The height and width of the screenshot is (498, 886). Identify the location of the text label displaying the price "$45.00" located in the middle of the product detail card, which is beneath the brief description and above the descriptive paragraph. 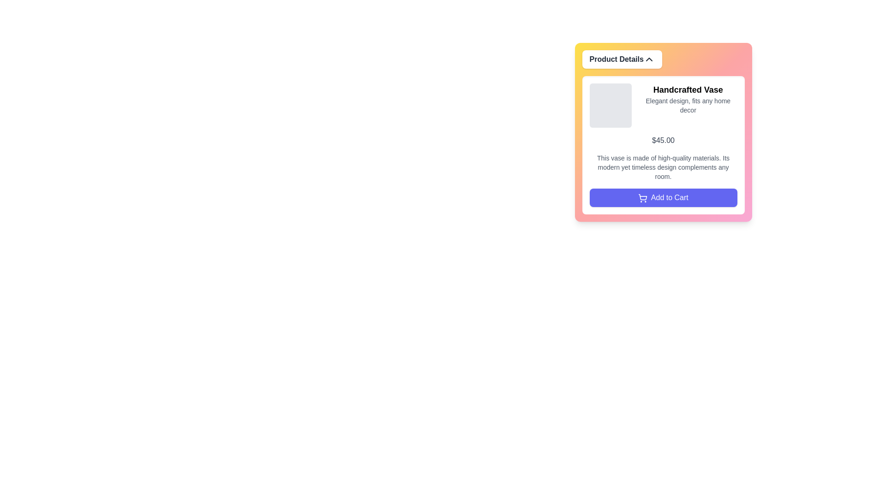
(663, 140).